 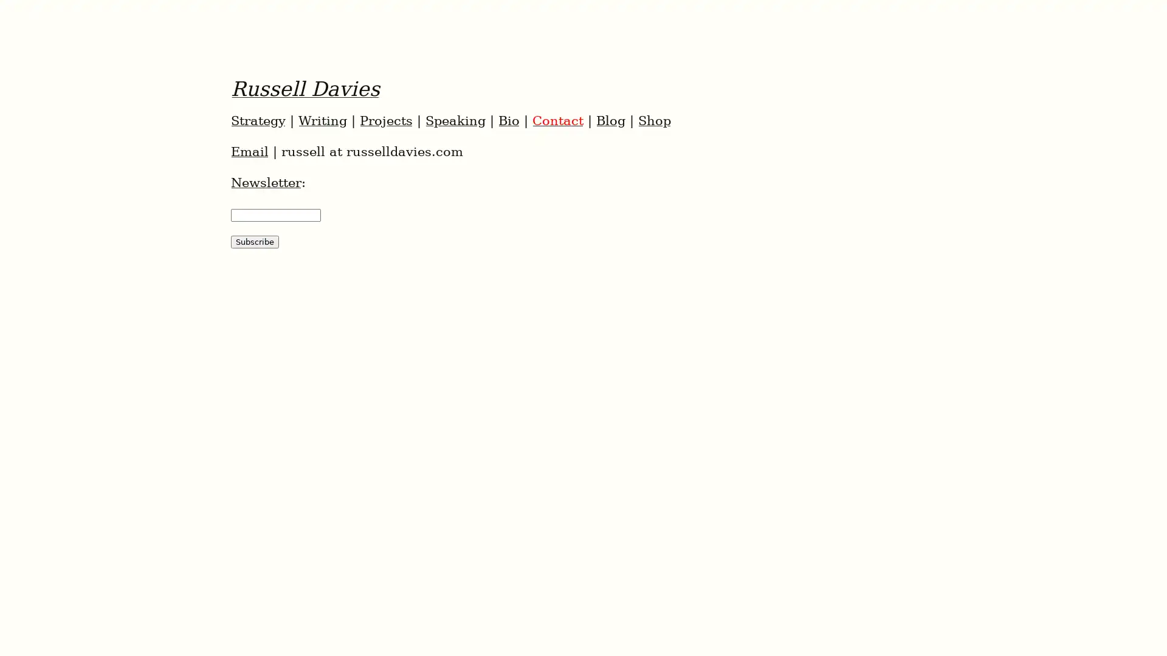 What do you see at coordinates (254, 241) in the screenshot?
I see `Subscribe` at bounding box center [254, 241].